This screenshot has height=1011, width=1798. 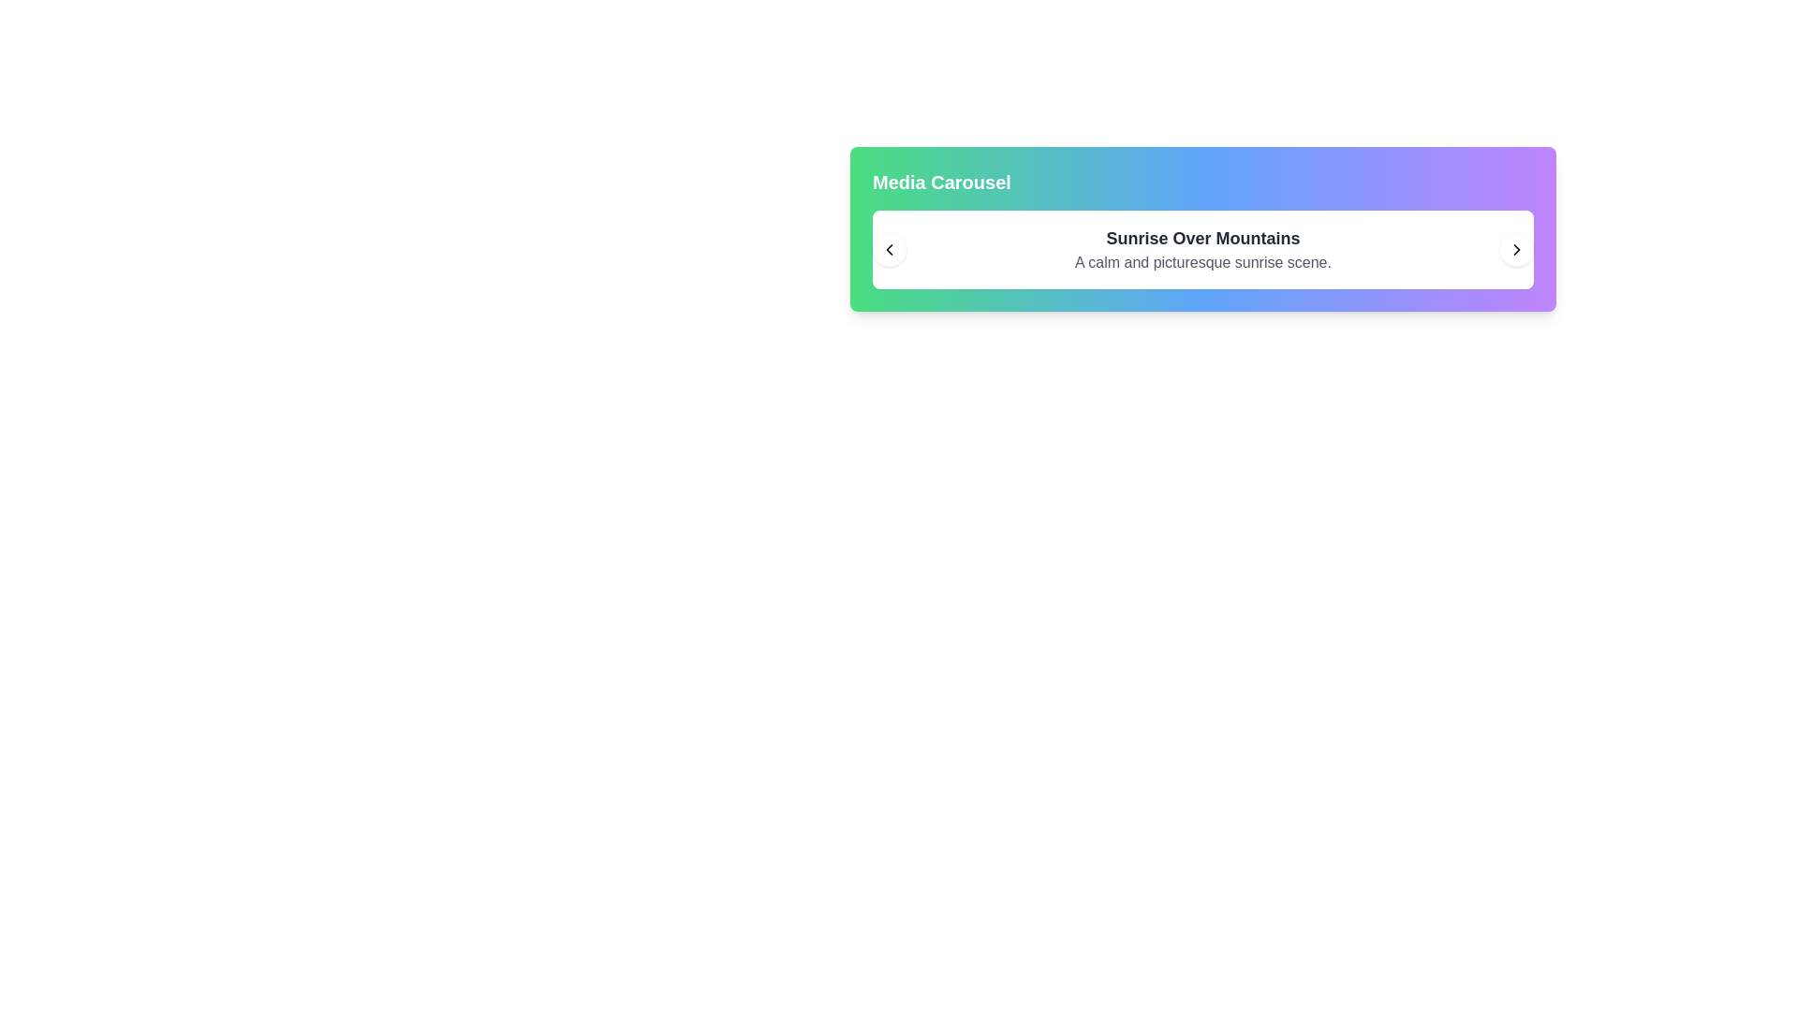 What do you see at coordinates (1203, 263) in the screenshot?
I see `the static text element displaying 'A calm and picturesque sunrise scene.' which is located beneath the heading 'Sunrise Over Mountains'` at bounding box center [1203, 263].